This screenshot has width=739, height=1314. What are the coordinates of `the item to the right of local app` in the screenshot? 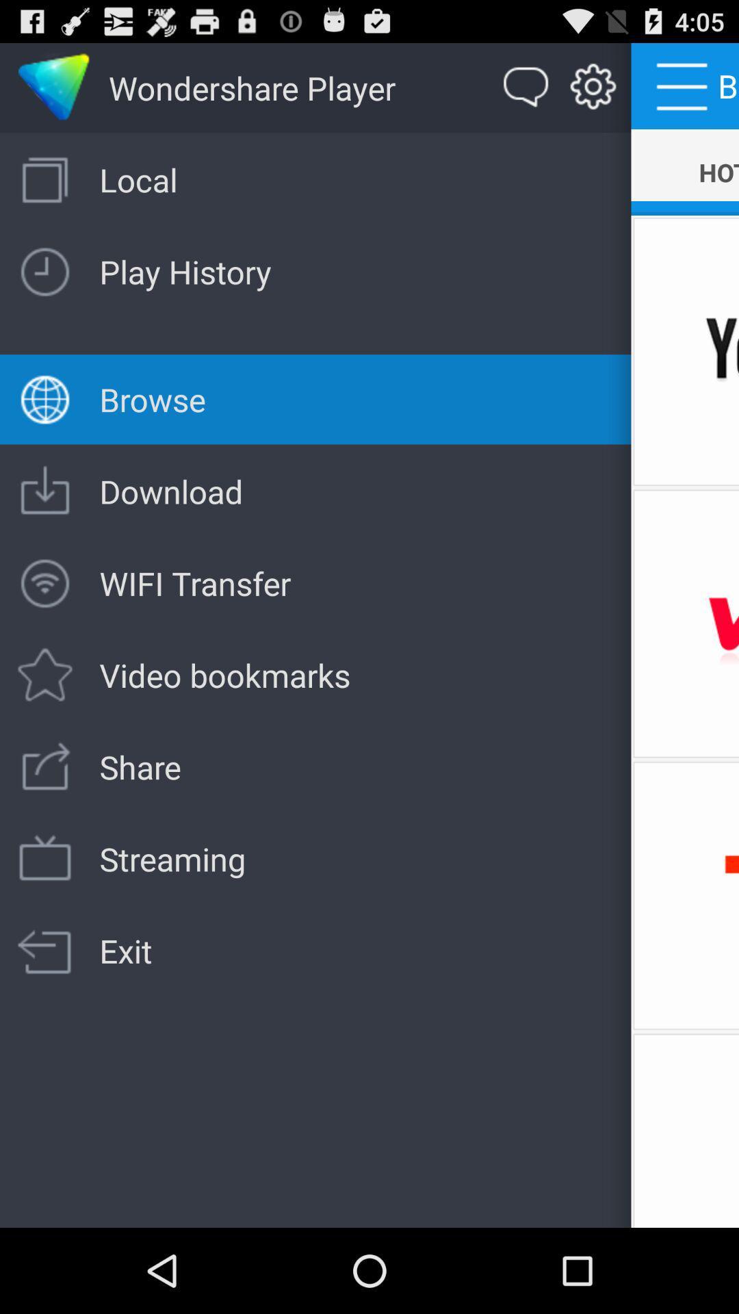 It's located at (685, 172).